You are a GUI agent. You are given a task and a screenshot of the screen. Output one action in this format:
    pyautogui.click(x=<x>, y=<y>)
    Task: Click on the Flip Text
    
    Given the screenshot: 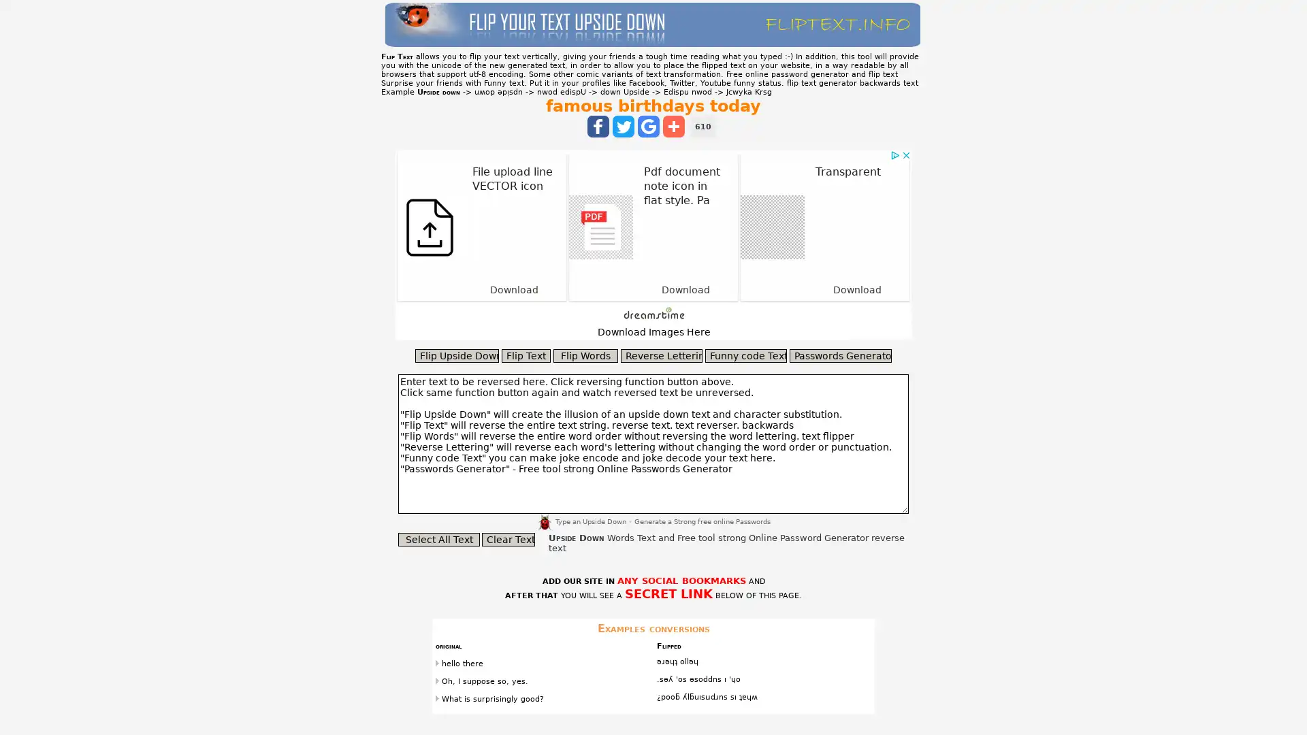 What is the action you would take?
    pyautogui.click(x=525, y=355)
    